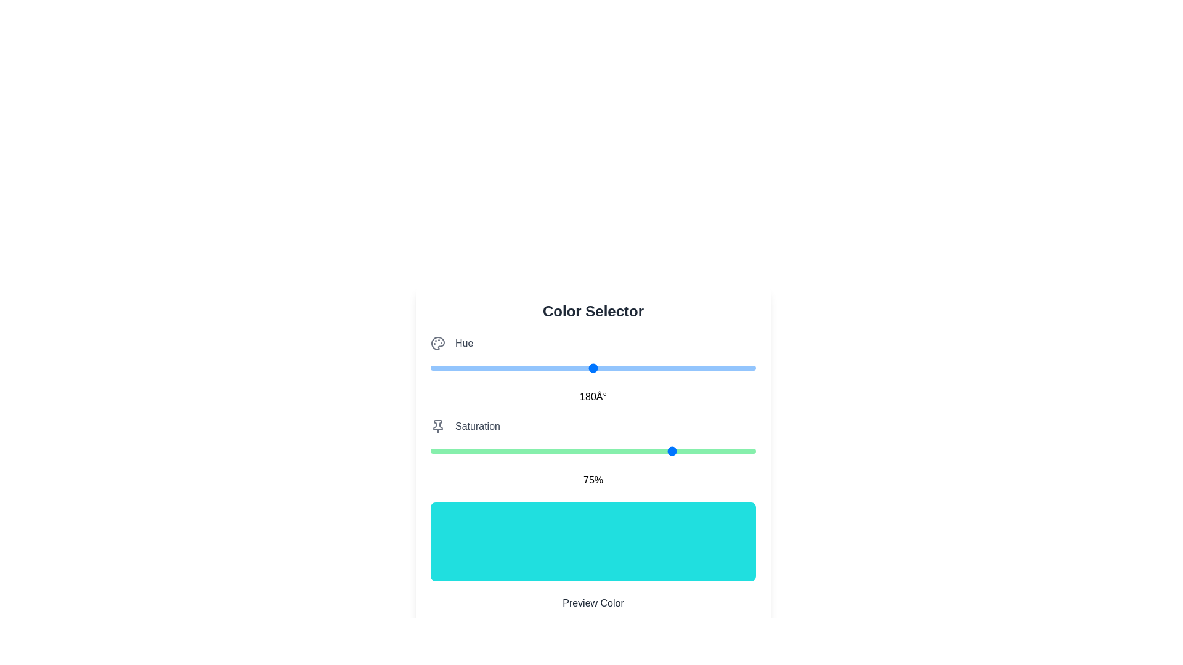 The width and height of the screenshot is (1183, 665). I want to click on the static text display showing '75%' in the 'Color Selector' panel, located below the green progress bar slider for 'Saturation', so click(593, 479).